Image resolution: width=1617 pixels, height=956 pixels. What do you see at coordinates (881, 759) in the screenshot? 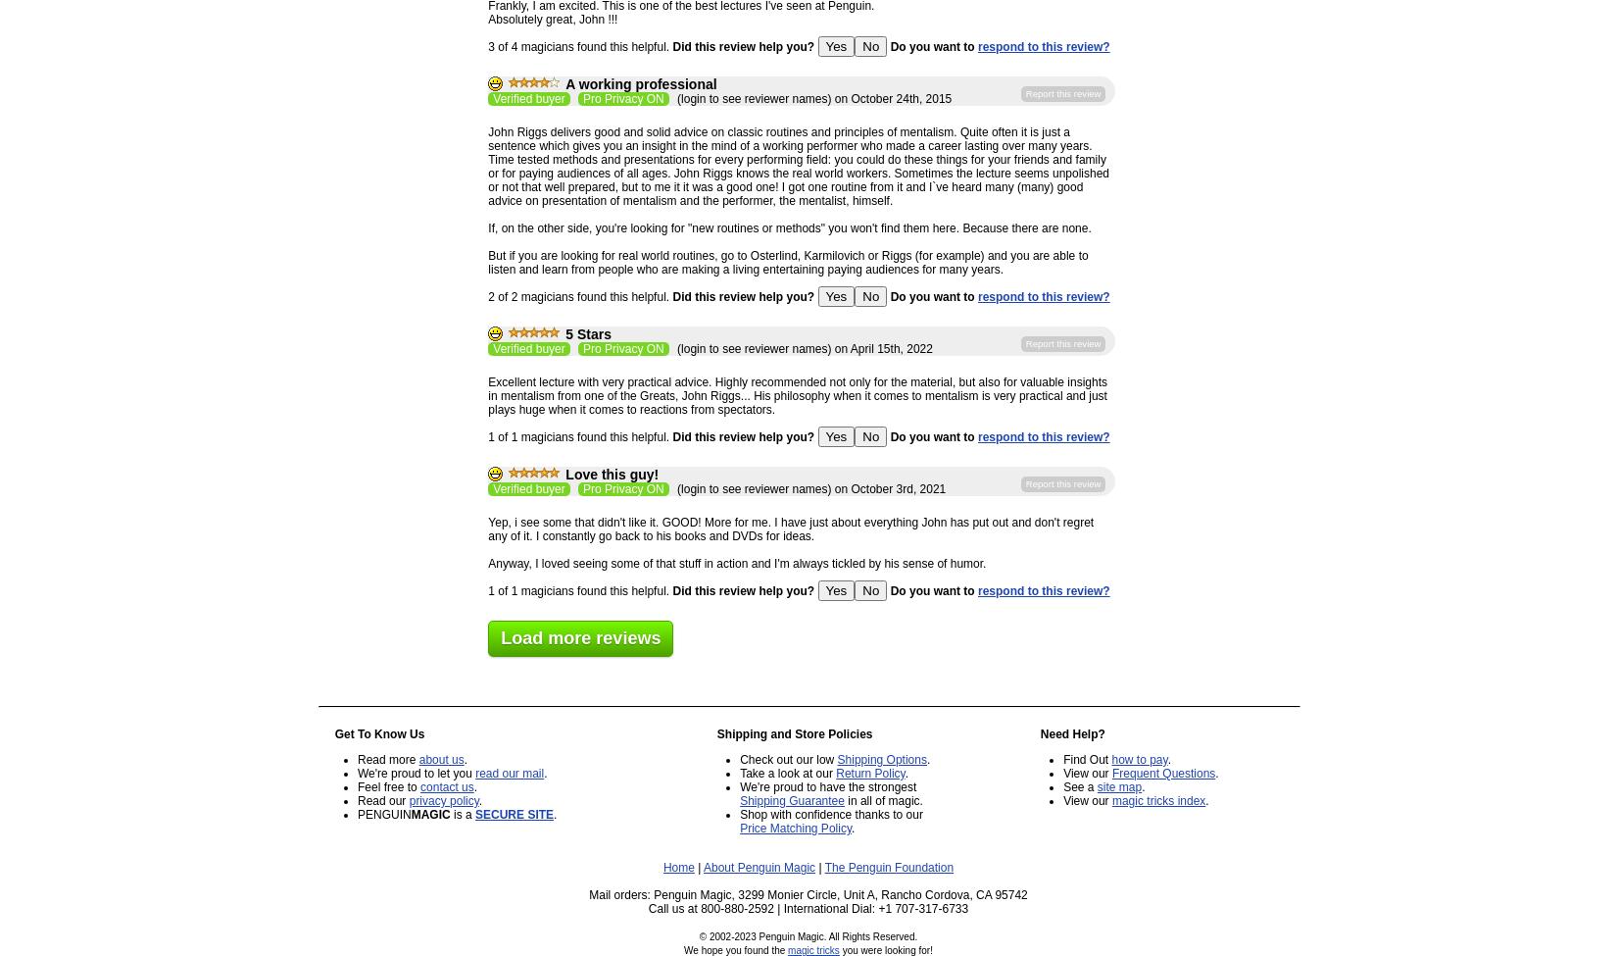
I see `'Shipping Options'` at bounding box center [881, 759].